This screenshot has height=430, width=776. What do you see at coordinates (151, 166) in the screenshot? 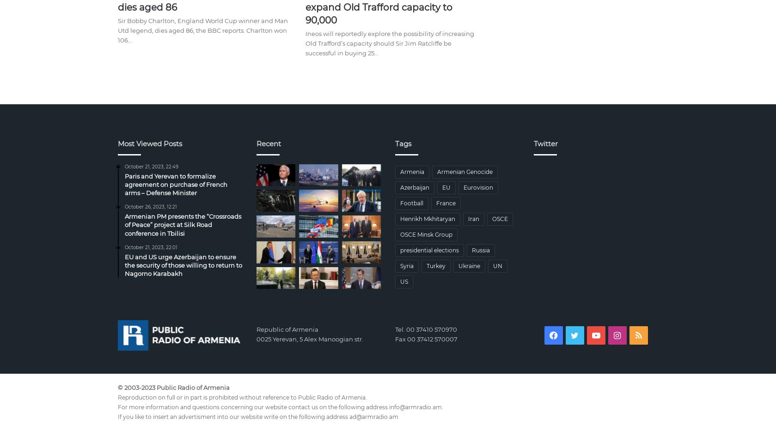
I see `'October 21, 2023, 22:49'` at bounding box center [151, 166].